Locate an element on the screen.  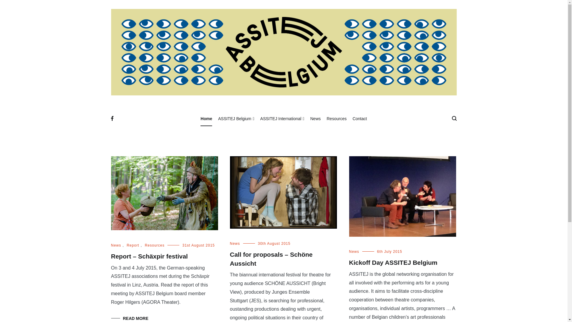
'READ MORE' is located at coordinates (129, 318).